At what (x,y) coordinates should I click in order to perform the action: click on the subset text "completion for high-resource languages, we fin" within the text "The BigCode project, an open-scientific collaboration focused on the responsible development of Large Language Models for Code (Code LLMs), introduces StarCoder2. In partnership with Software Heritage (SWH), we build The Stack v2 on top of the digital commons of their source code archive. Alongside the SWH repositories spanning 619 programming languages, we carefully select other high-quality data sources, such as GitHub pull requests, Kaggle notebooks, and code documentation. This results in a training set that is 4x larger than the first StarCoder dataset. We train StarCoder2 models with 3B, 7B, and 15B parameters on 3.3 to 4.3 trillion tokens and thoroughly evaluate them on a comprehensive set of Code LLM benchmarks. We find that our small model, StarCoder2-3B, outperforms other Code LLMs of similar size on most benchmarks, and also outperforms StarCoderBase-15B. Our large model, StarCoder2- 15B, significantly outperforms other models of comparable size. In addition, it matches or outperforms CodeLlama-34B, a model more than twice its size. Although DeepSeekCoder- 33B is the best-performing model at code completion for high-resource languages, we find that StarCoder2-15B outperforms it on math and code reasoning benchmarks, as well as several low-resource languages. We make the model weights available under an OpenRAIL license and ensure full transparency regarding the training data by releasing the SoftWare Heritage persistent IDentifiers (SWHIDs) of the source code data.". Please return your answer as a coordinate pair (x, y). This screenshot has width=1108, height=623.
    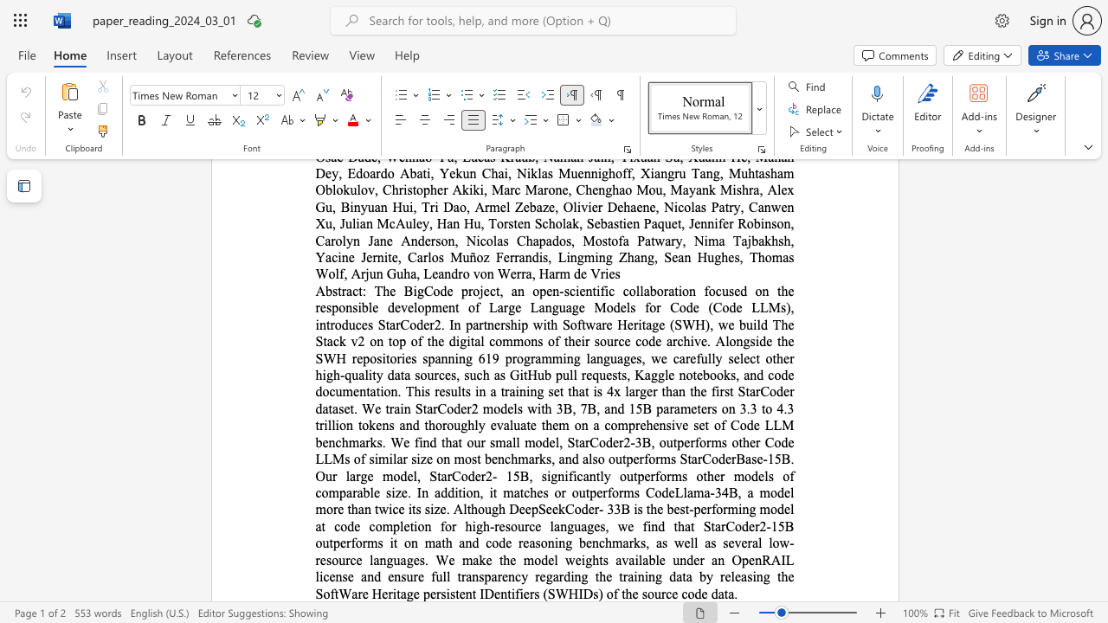
    Looking at the image, I should click on (368, 525).